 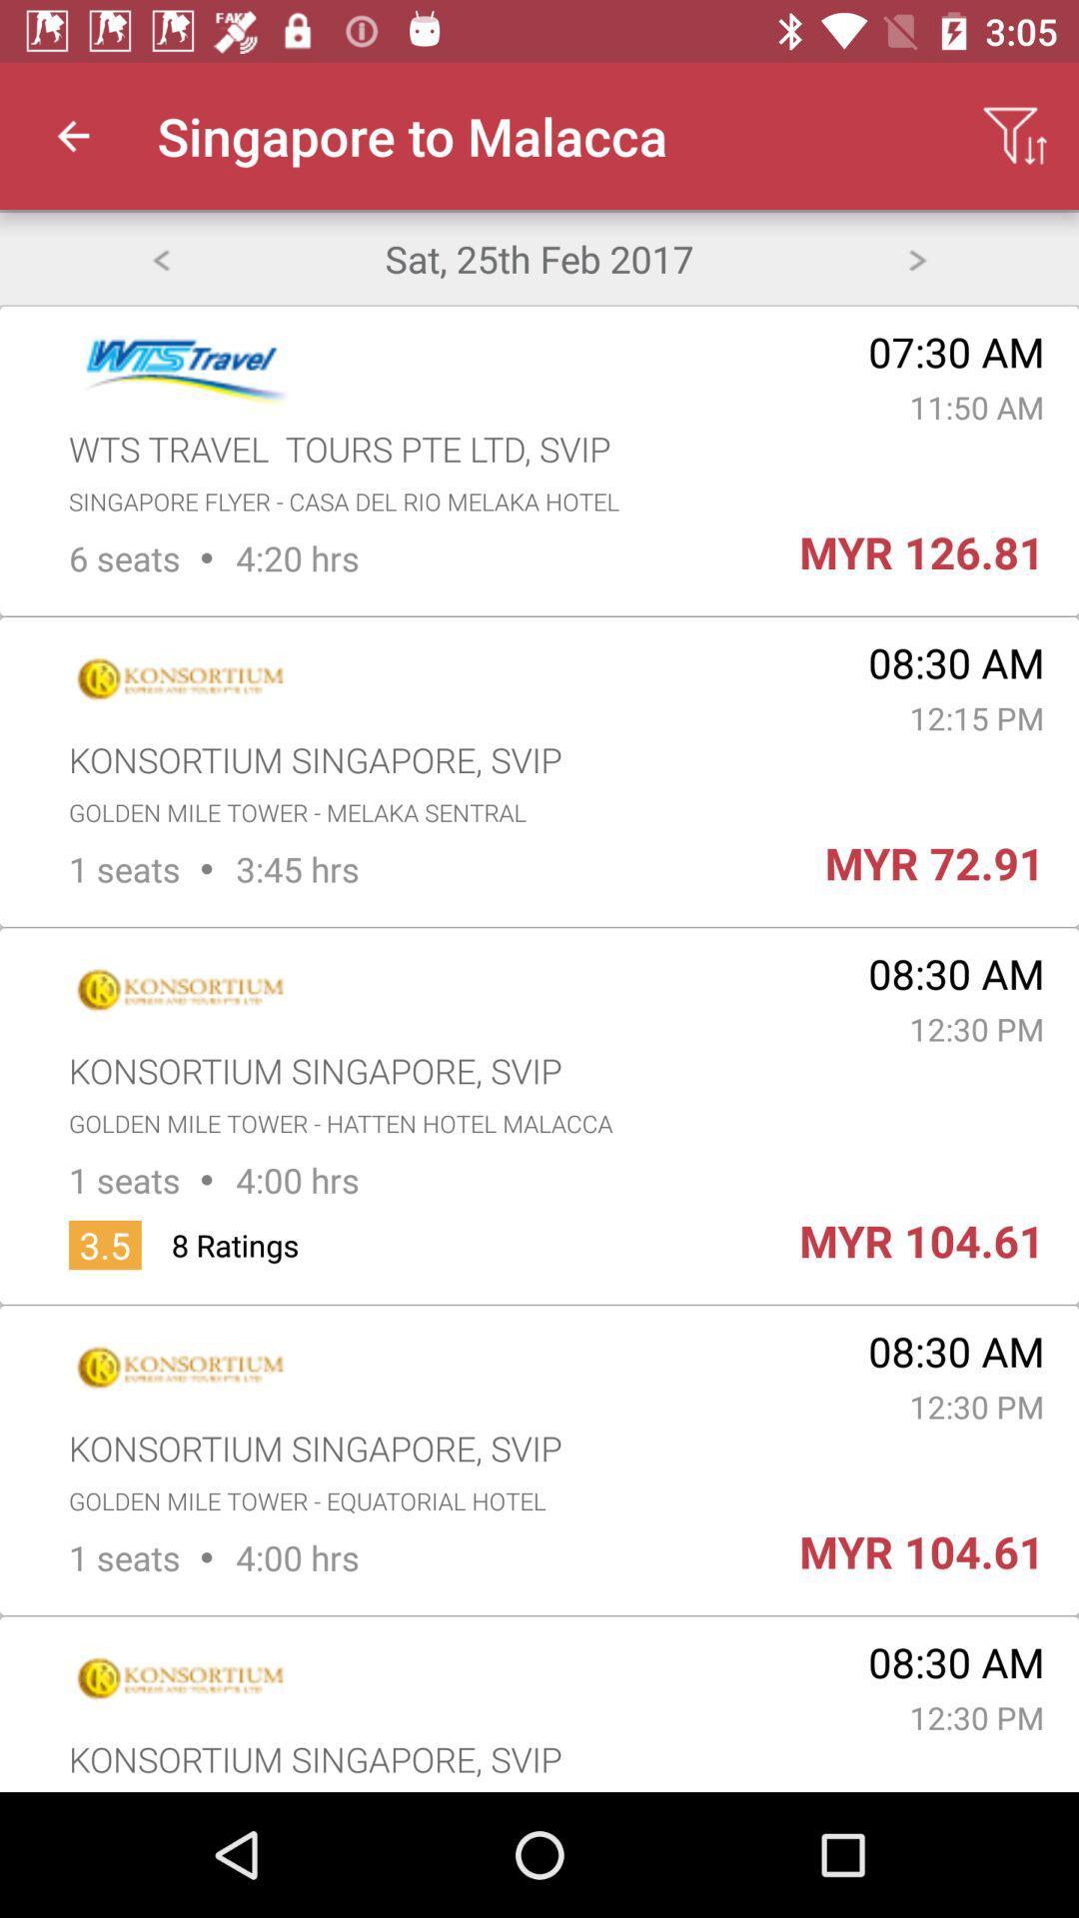 I want to click on the item above the 07:30 am icon, so click(x=917, y=257).